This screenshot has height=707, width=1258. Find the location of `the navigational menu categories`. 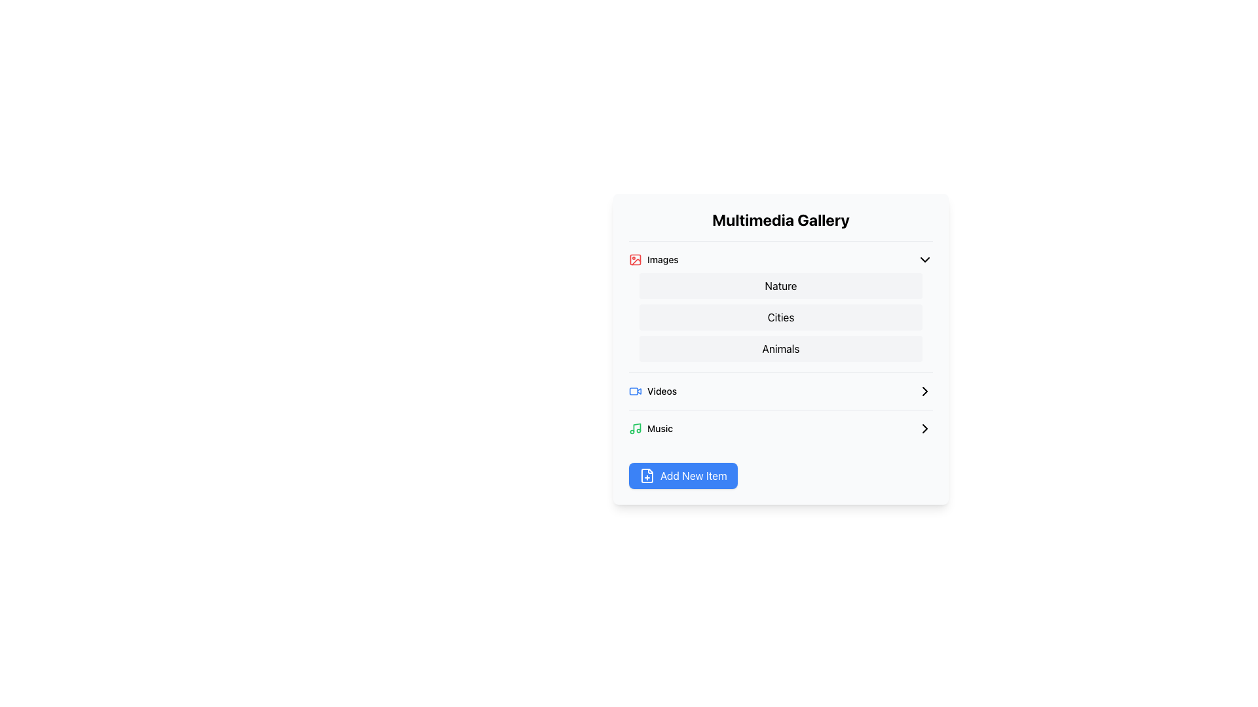

the navigational menu categories is located at coordinates (780, 348).